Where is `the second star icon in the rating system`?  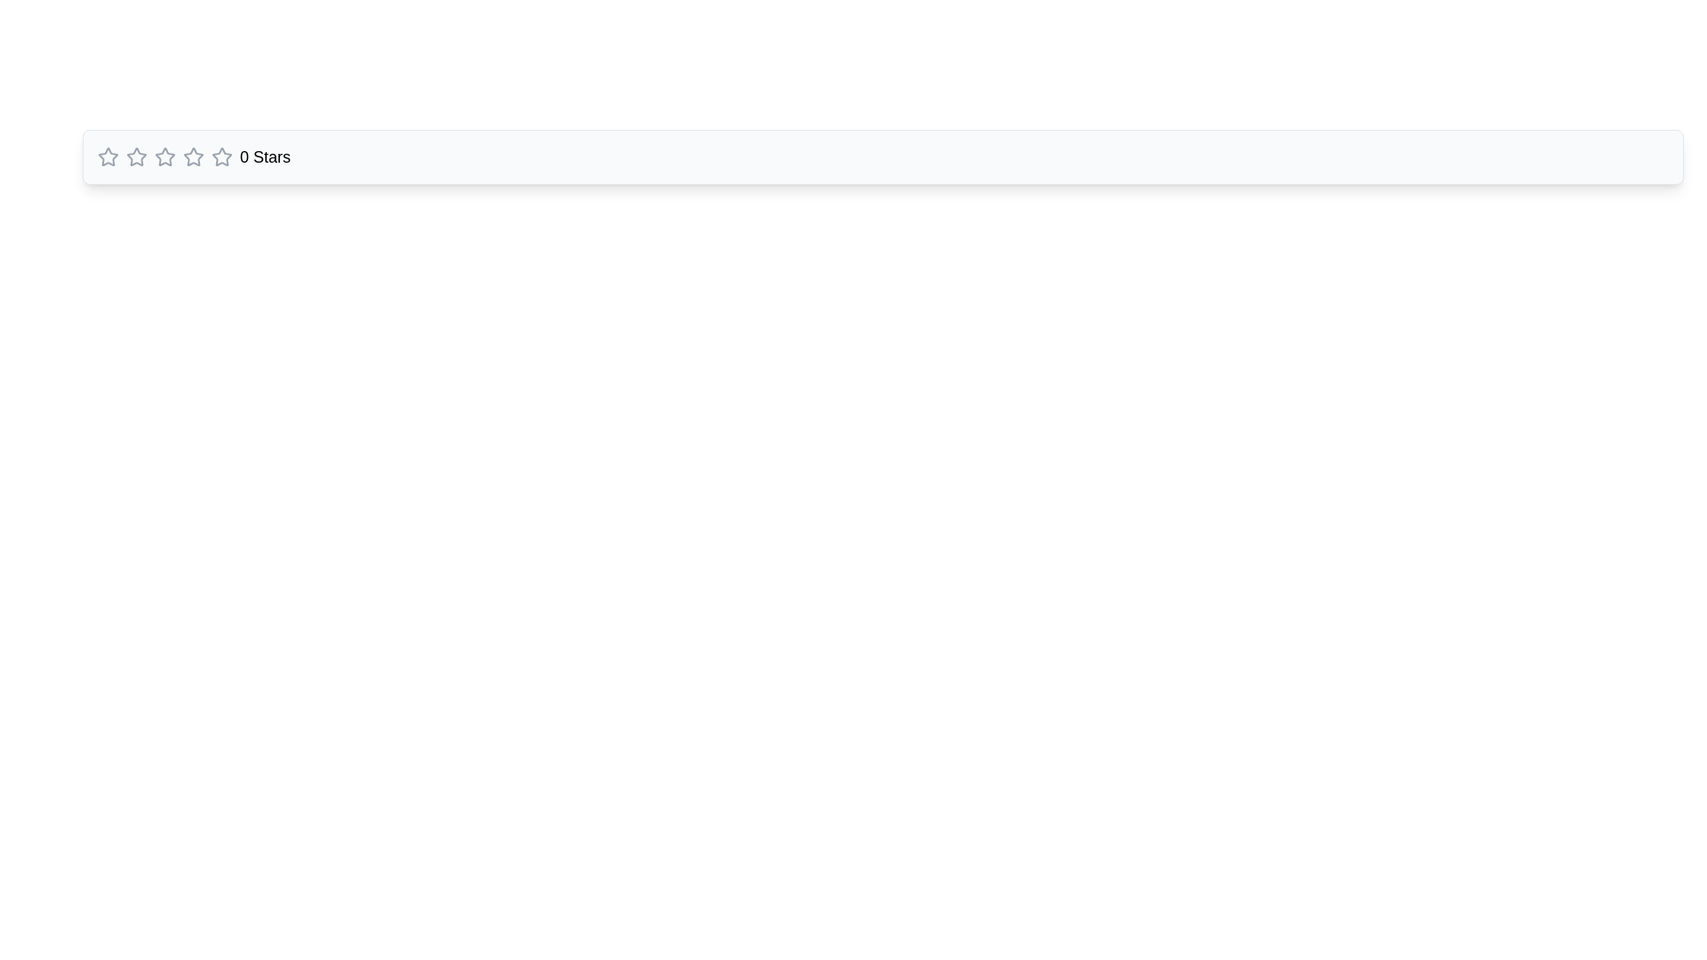
the second star icon in the rating system is located at coordinates (135, 156).